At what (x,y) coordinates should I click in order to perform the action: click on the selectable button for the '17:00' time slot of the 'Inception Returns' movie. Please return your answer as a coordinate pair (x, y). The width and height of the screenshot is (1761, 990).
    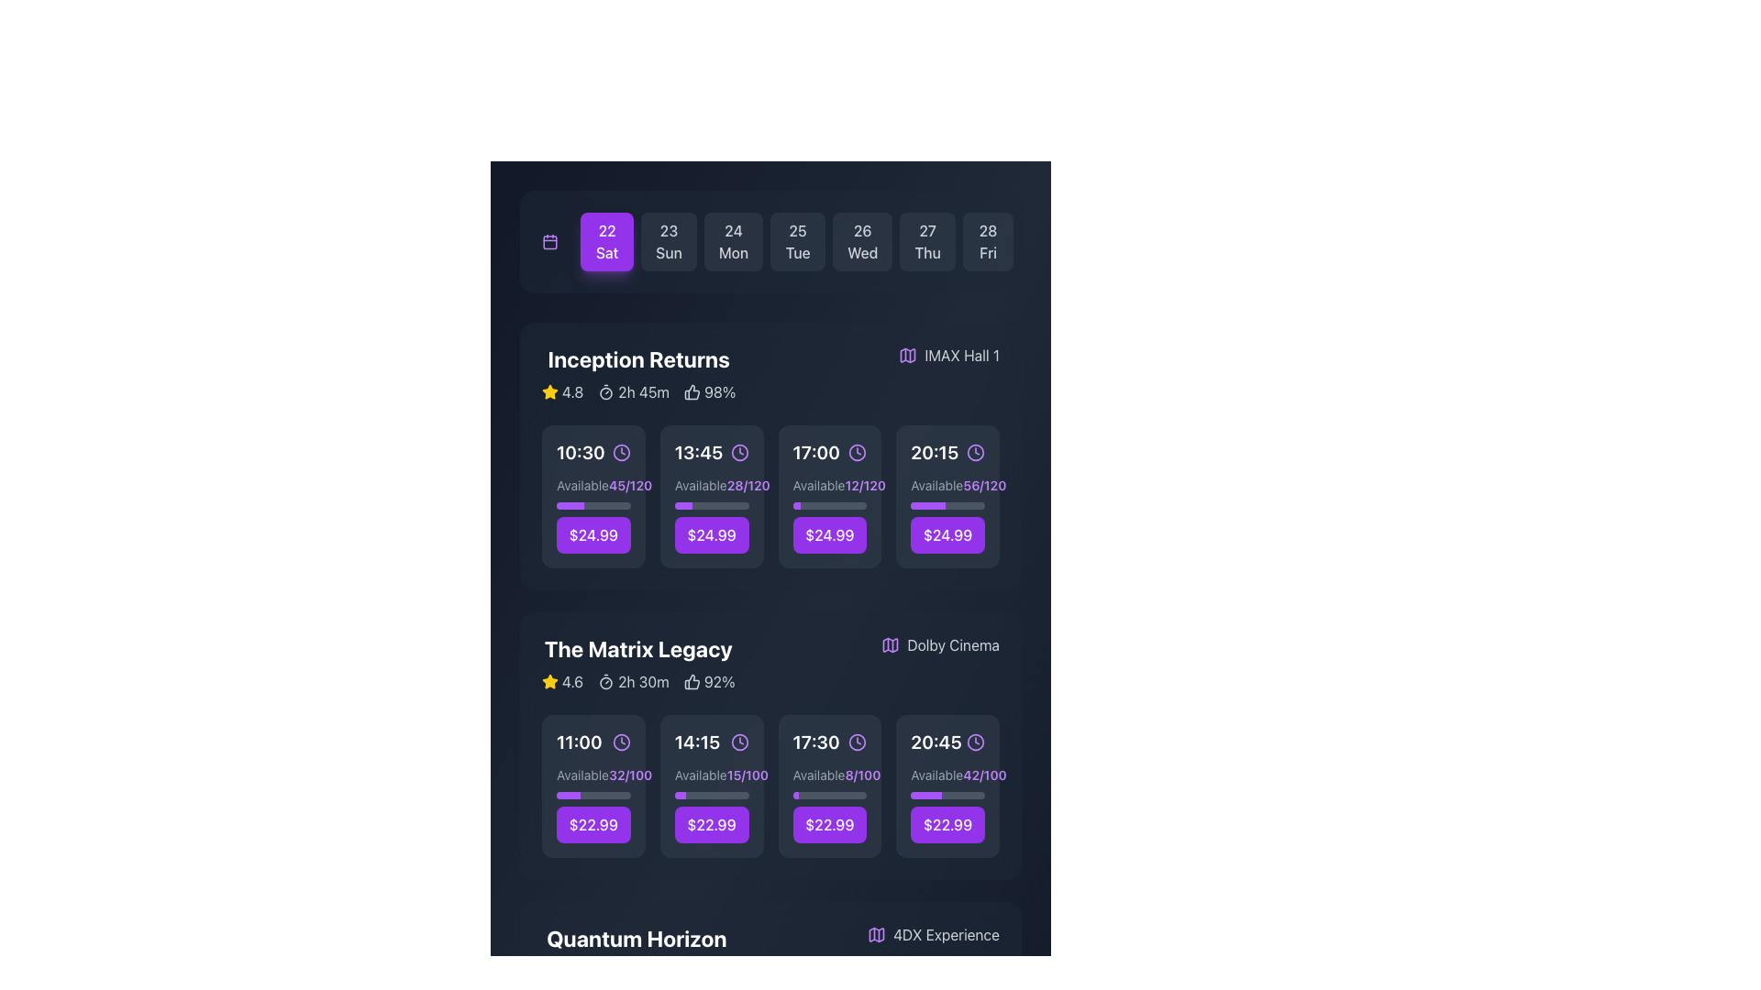
    Looking at the image, I should click on (828, 534).